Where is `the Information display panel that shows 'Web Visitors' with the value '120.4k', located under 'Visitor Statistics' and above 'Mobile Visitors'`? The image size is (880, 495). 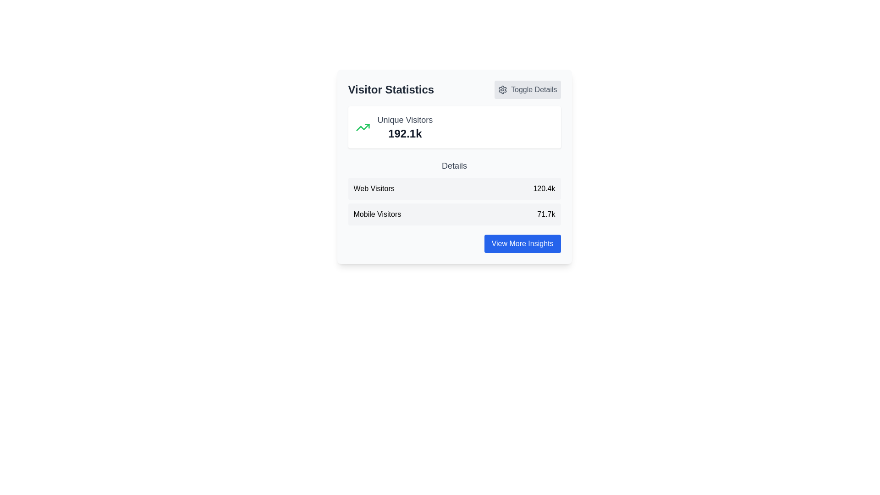
the Information display panel that shows 'Web Visitors' with the value '120.4k', located under 'Visitor Statistics' and above 'Mobile Visitors' is located at coordinates (454, 188).